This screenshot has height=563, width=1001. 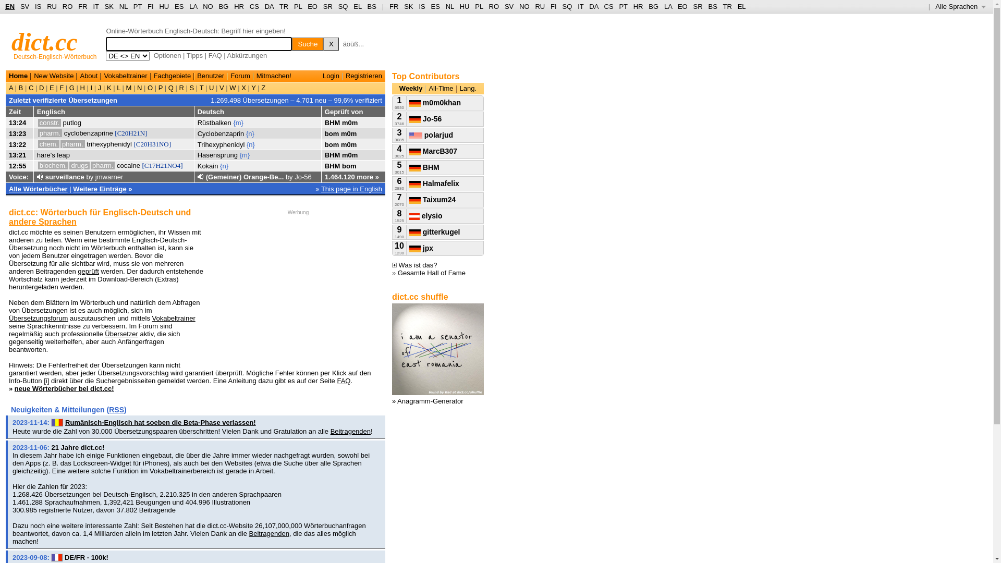 I want to click on 'Alle Sprachen ', so click(x=960, y=6).